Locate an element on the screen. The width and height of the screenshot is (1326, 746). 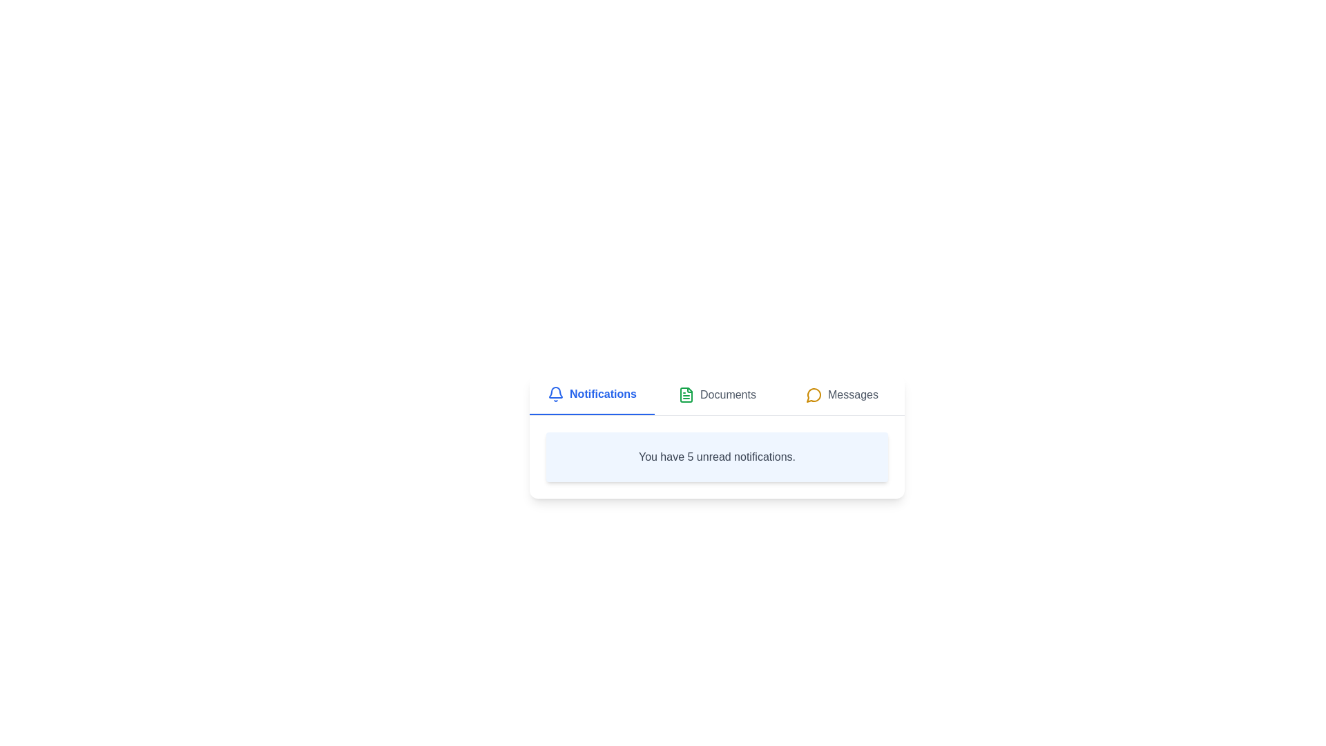
the tab labeled Documents is located at coordinates (717, 394).